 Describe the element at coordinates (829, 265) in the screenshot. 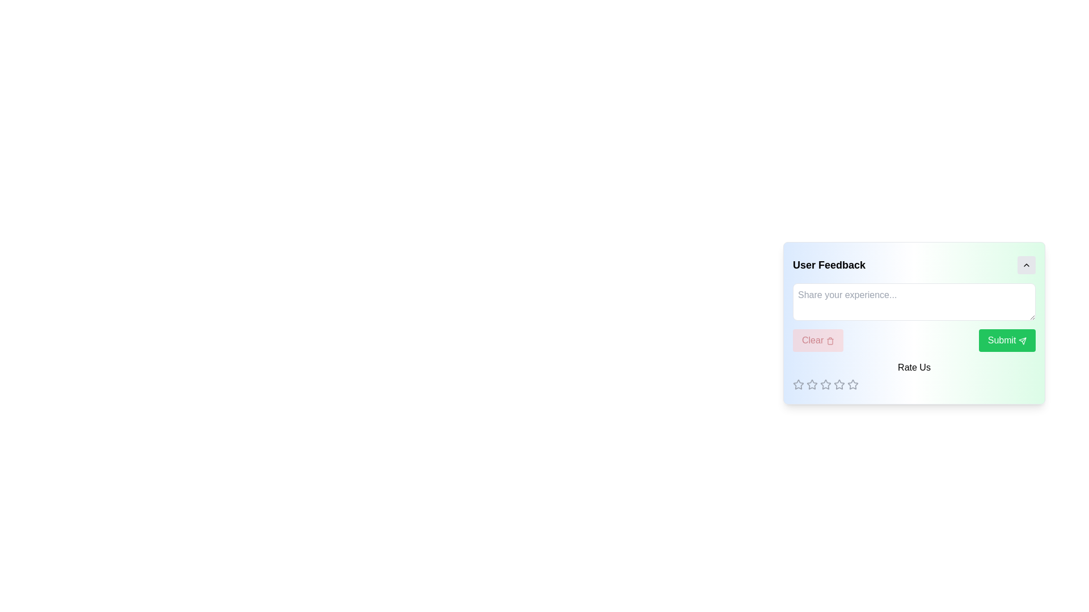

I see `the Text Label that serves as a heading or title for the user feedback collection section, located at the top-left of the interface panel` at that location.